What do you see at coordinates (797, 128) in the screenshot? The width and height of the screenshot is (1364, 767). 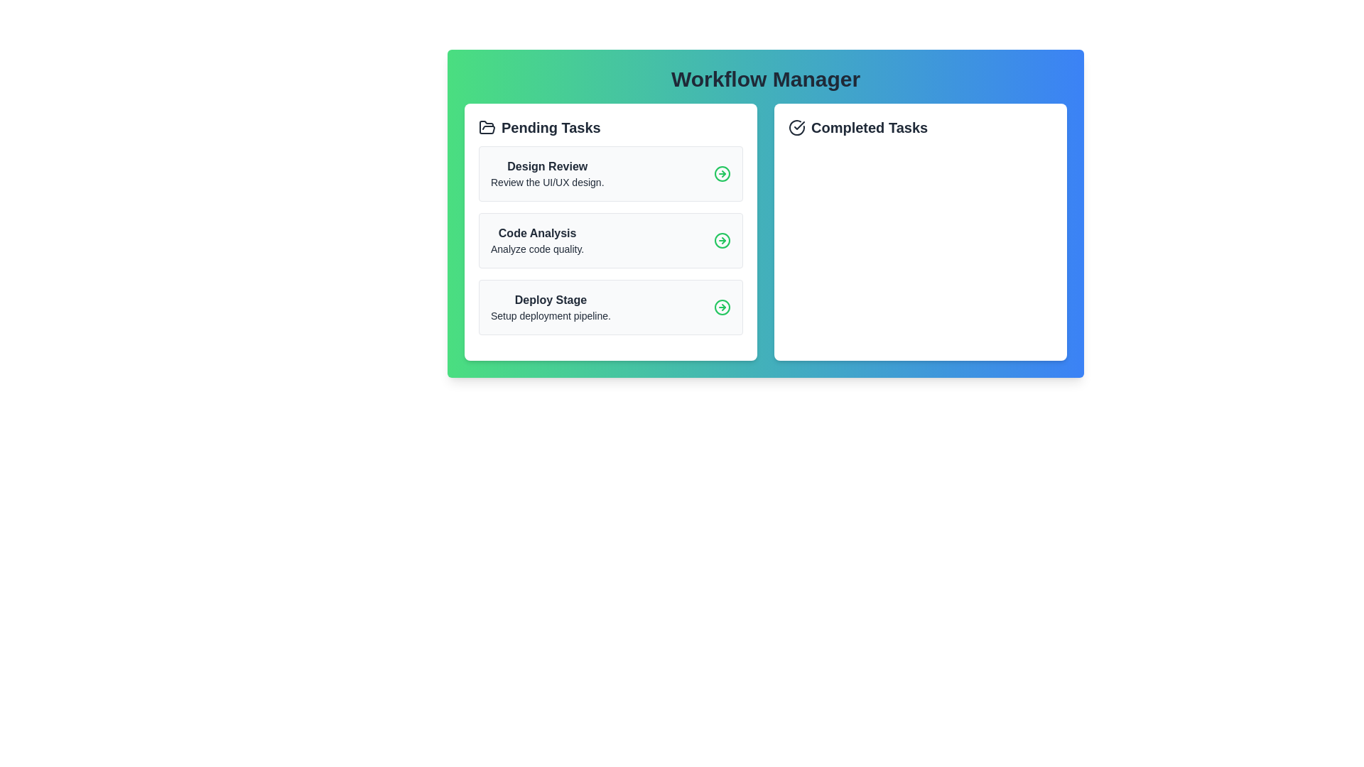 I see `the circular icon with a checkmark inside, located to the left of the 'Completed Tasks' text at the top-right section of the interface` at bounding box center [797, 128].